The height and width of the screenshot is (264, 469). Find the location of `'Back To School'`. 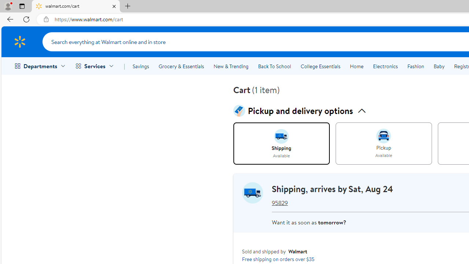

'Back To School' is located at coordinates (274, 66).